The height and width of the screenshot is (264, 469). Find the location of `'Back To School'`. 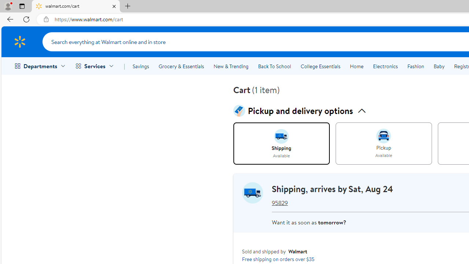

'Back To School' is located at coordinates (274, 66).